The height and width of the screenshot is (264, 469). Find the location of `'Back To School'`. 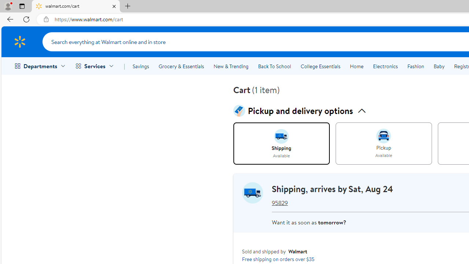

'Back To School' is located at coordinates (274, 66).